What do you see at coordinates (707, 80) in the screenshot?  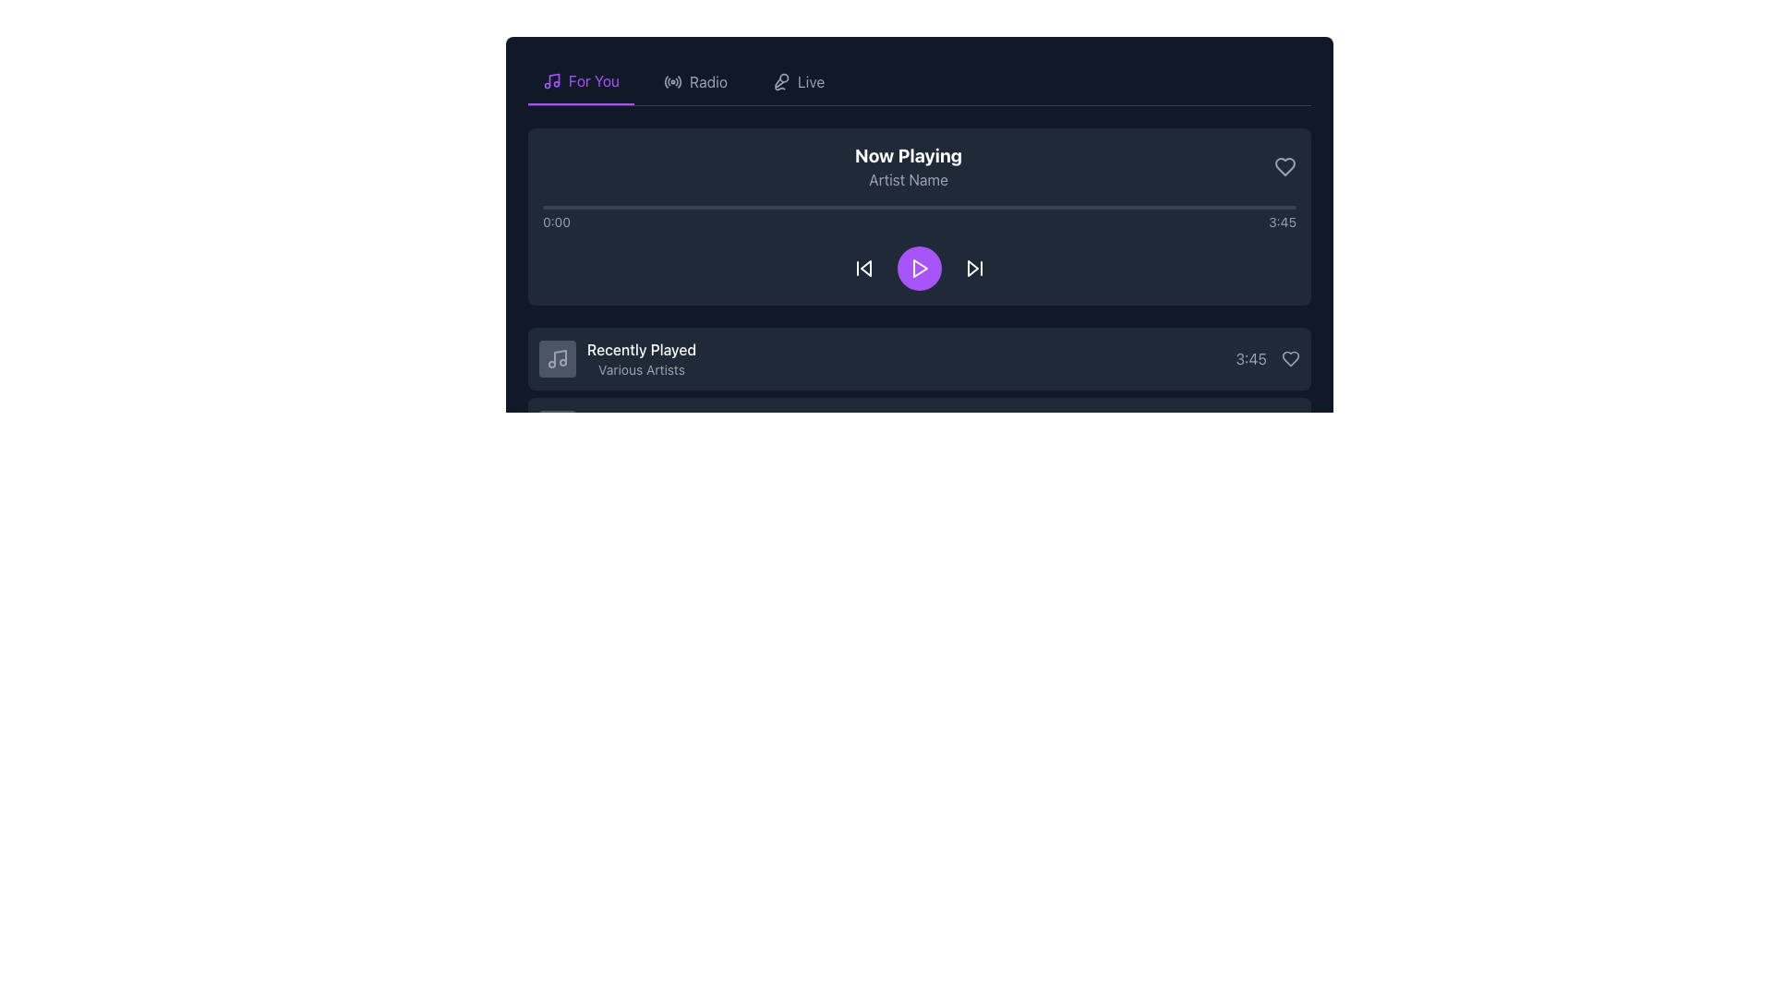 I see `the 'Radio' label, which displays the word 'Radio' in gray font against a dark background, located at the top right of the page` at bounding box center [707, 80].